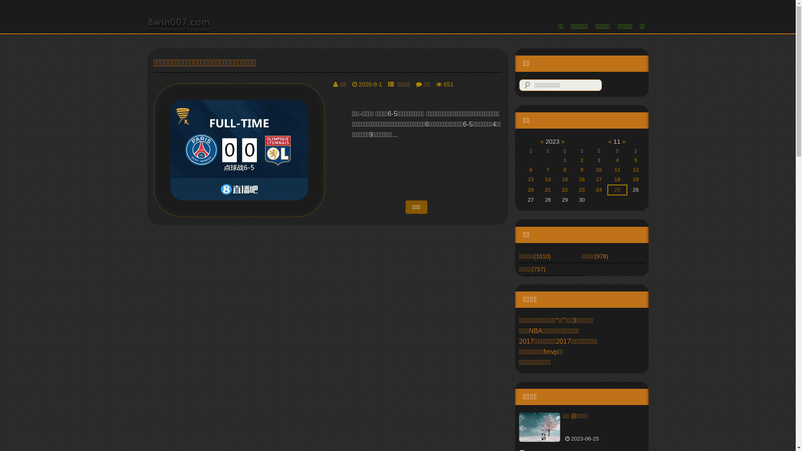 The width and height of the screenshot is (802, 451). Describe the element at coordinates (615, 160) in the screenshot. I see `'4'` at that location.